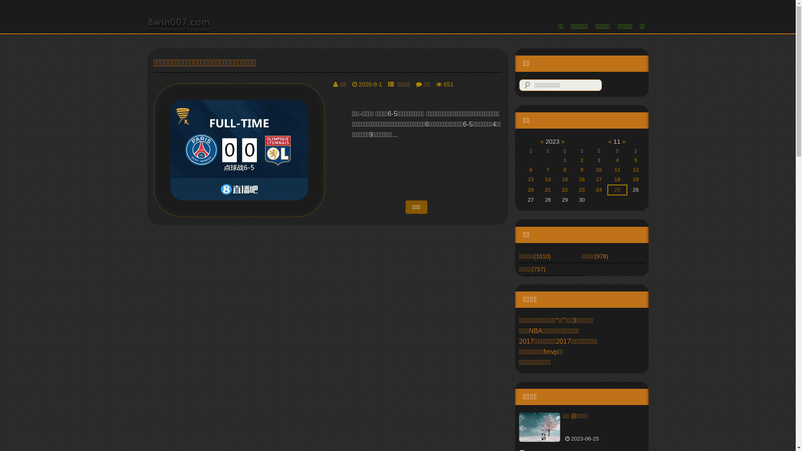 The width and height of the screenshot is (802, 451). Describe the element at coordinates (615, 160) in the screenshot. I see `'4'` at that location.